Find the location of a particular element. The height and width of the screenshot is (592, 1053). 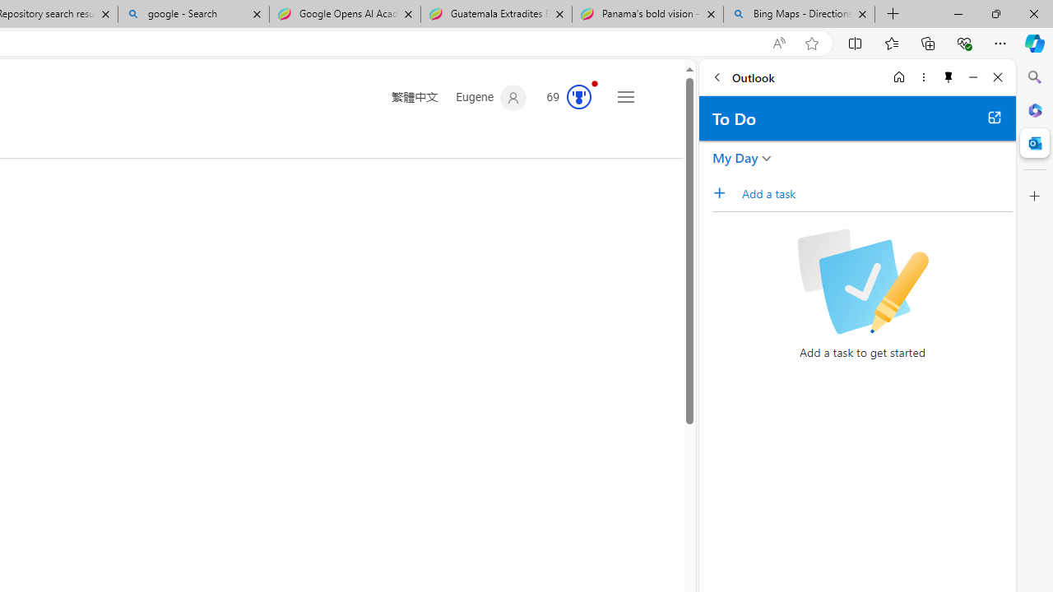

'AutomationID: serp_medal_svg' is located at coordinates (579, 97).